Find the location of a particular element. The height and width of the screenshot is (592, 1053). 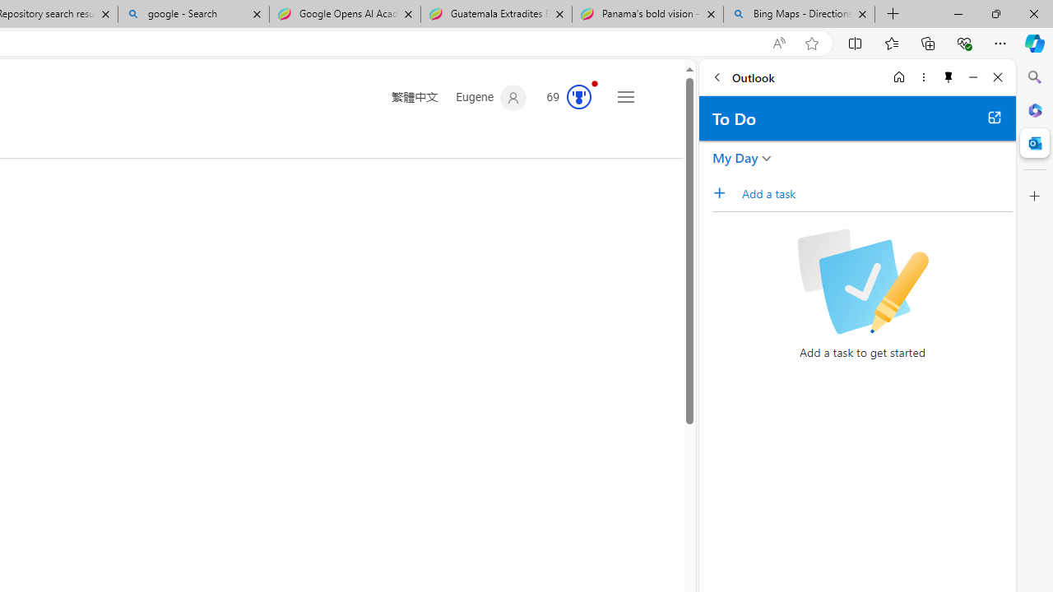

'AutomationID: serp_medal_svg' is located at coordinates (579, 97).